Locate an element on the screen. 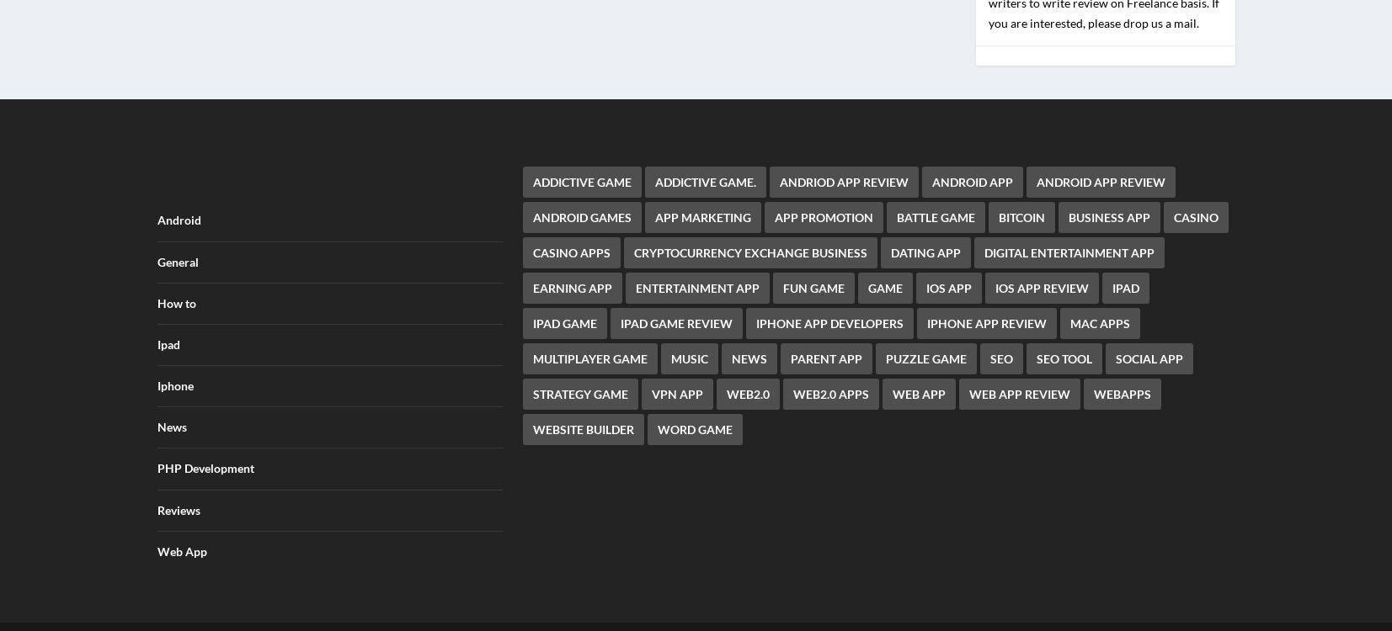 The image size is (1392, 631). 'web app review' is located at coordinates (1019, 382).